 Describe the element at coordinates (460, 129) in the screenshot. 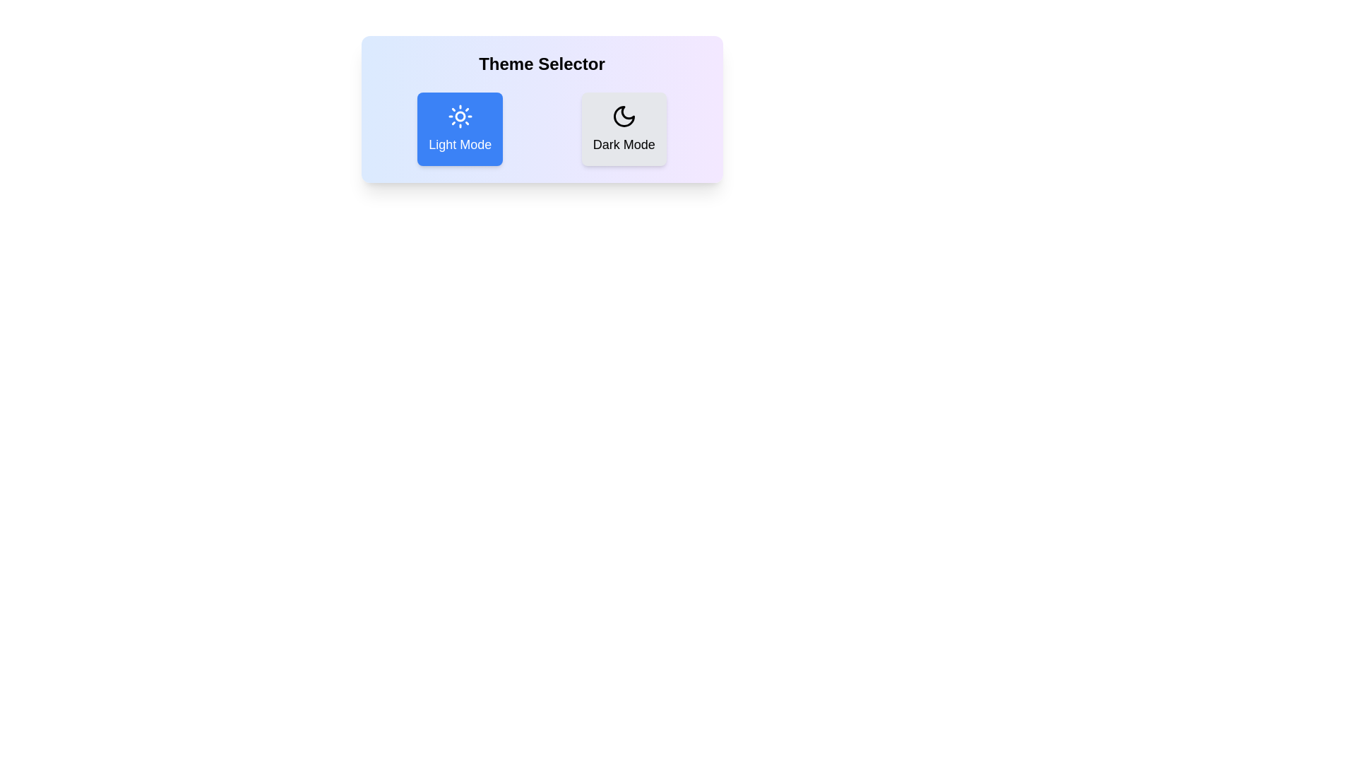

I see `the mode option Light Mode to observe its hover effect` at that location.